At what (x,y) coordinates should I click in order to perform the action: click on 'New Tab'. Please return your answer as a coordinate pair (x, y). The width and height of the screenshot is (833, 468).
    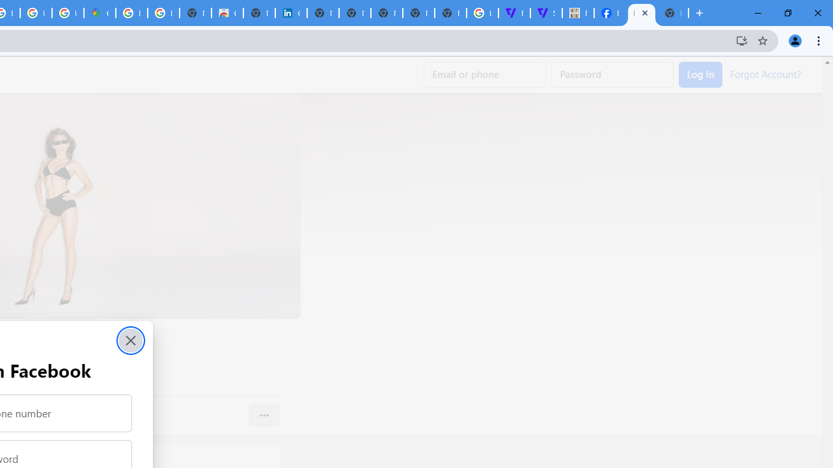
    Looking at the image, I should click on (673, 13).